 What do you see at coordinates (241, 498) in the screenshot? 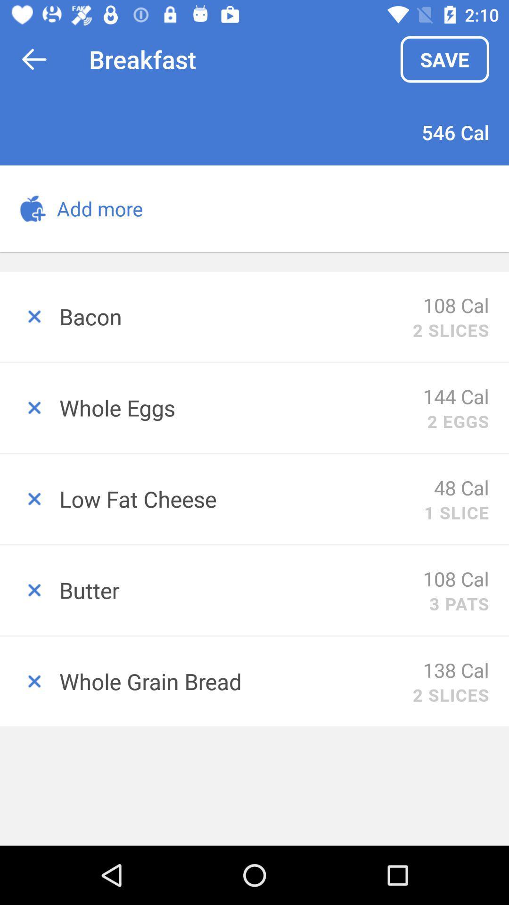
I see `icon next to the 1 slice item` at bounding box center [241, 498].